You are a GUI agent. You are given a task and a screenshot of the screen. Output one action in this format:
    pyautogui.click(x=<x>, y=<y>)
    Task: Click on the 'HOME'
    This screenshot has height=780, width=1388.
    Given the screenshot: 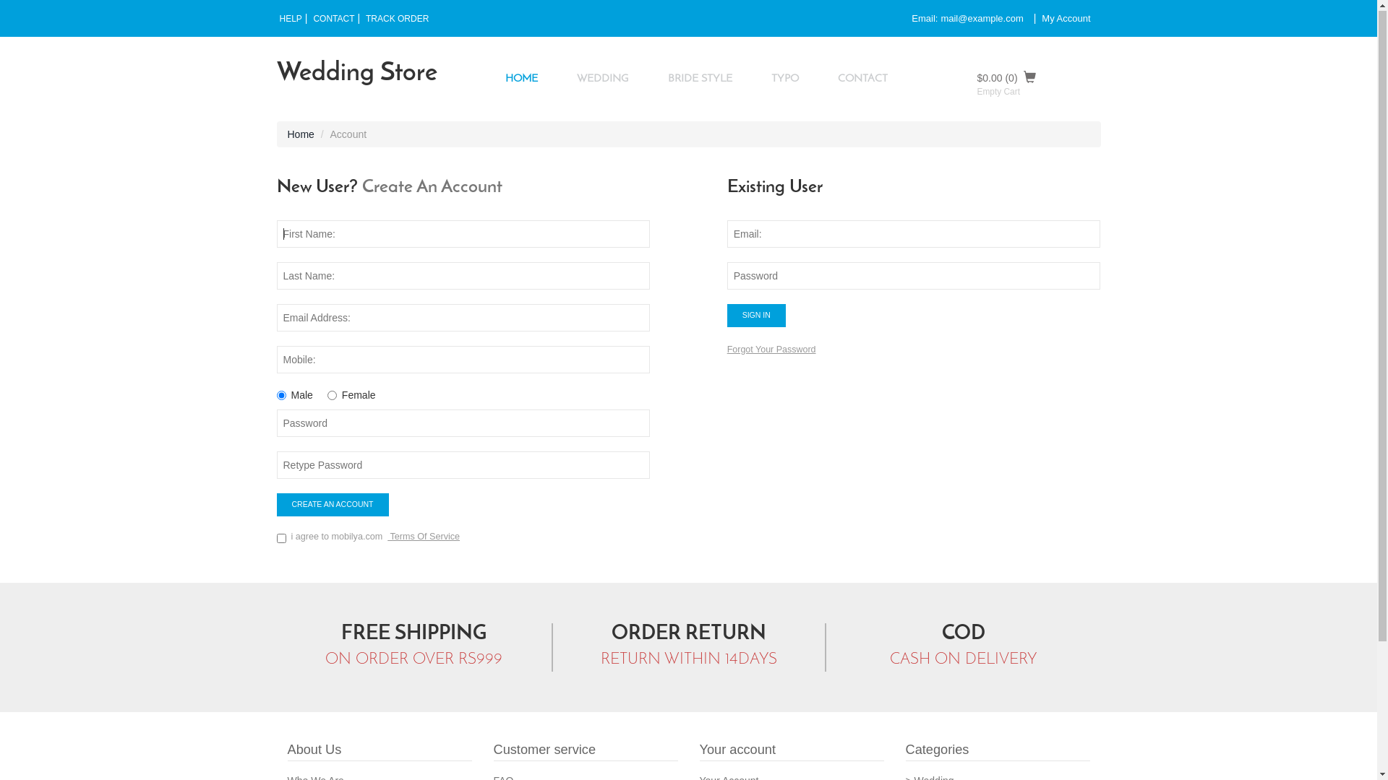 What is the action you would take?
    pyautogui.click(x=520, y=79)
    